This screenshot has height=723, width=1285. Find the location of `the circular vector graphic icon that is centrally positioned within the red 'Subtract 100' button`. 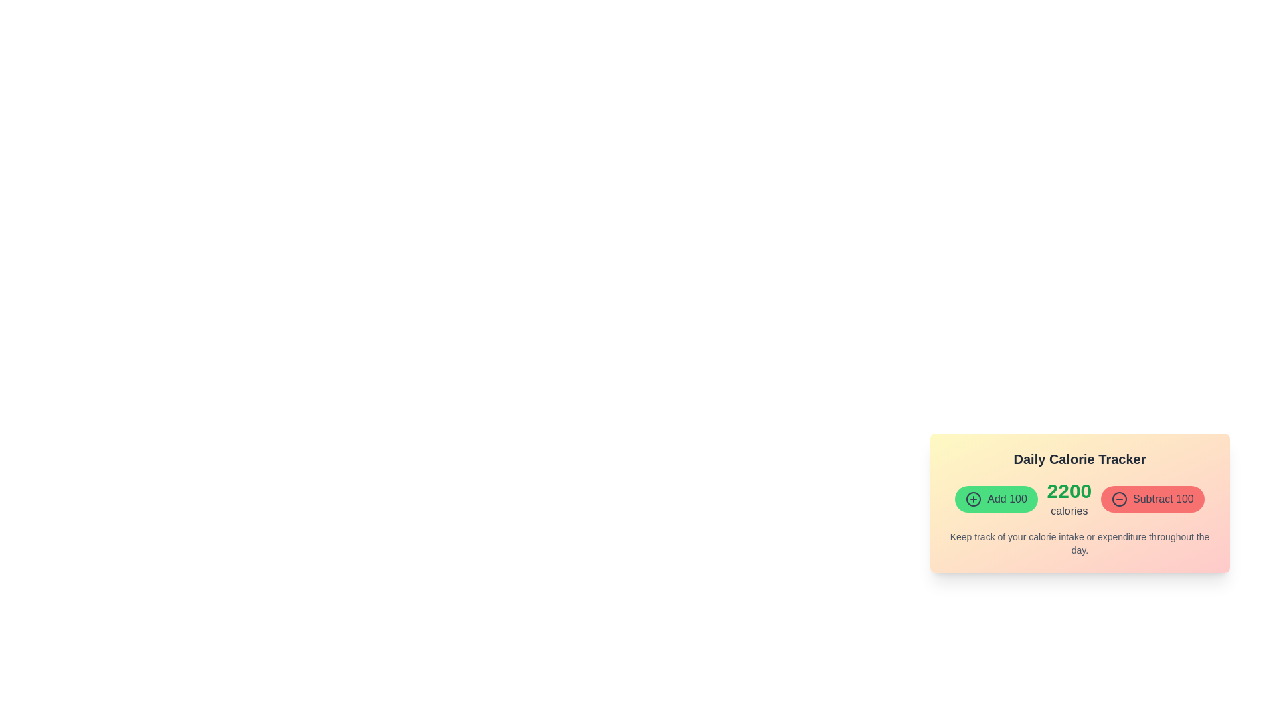

the circular vector graphic icon that is centrally positioned within the red 'Subtract 100' button is located at coordinates (1120, 499).